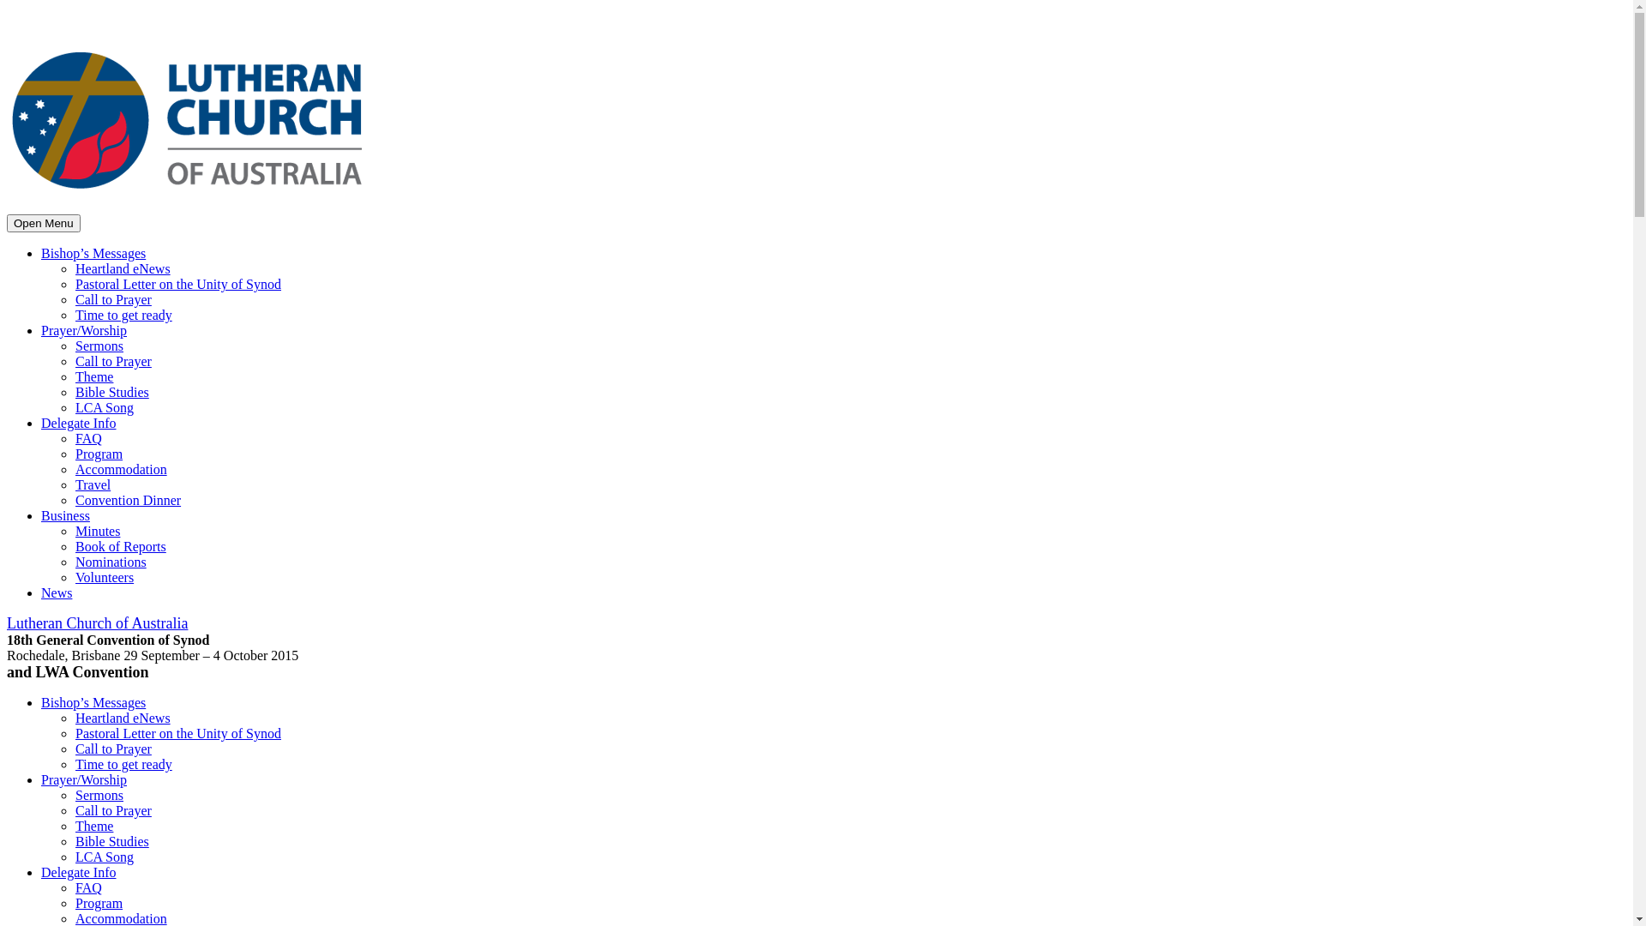 This screenshot has height=926, width=1646. What do you see at coordinates (127, 500) in the screenshot?
I see `'Convention Dinner'` at bounding box center [127, 500].